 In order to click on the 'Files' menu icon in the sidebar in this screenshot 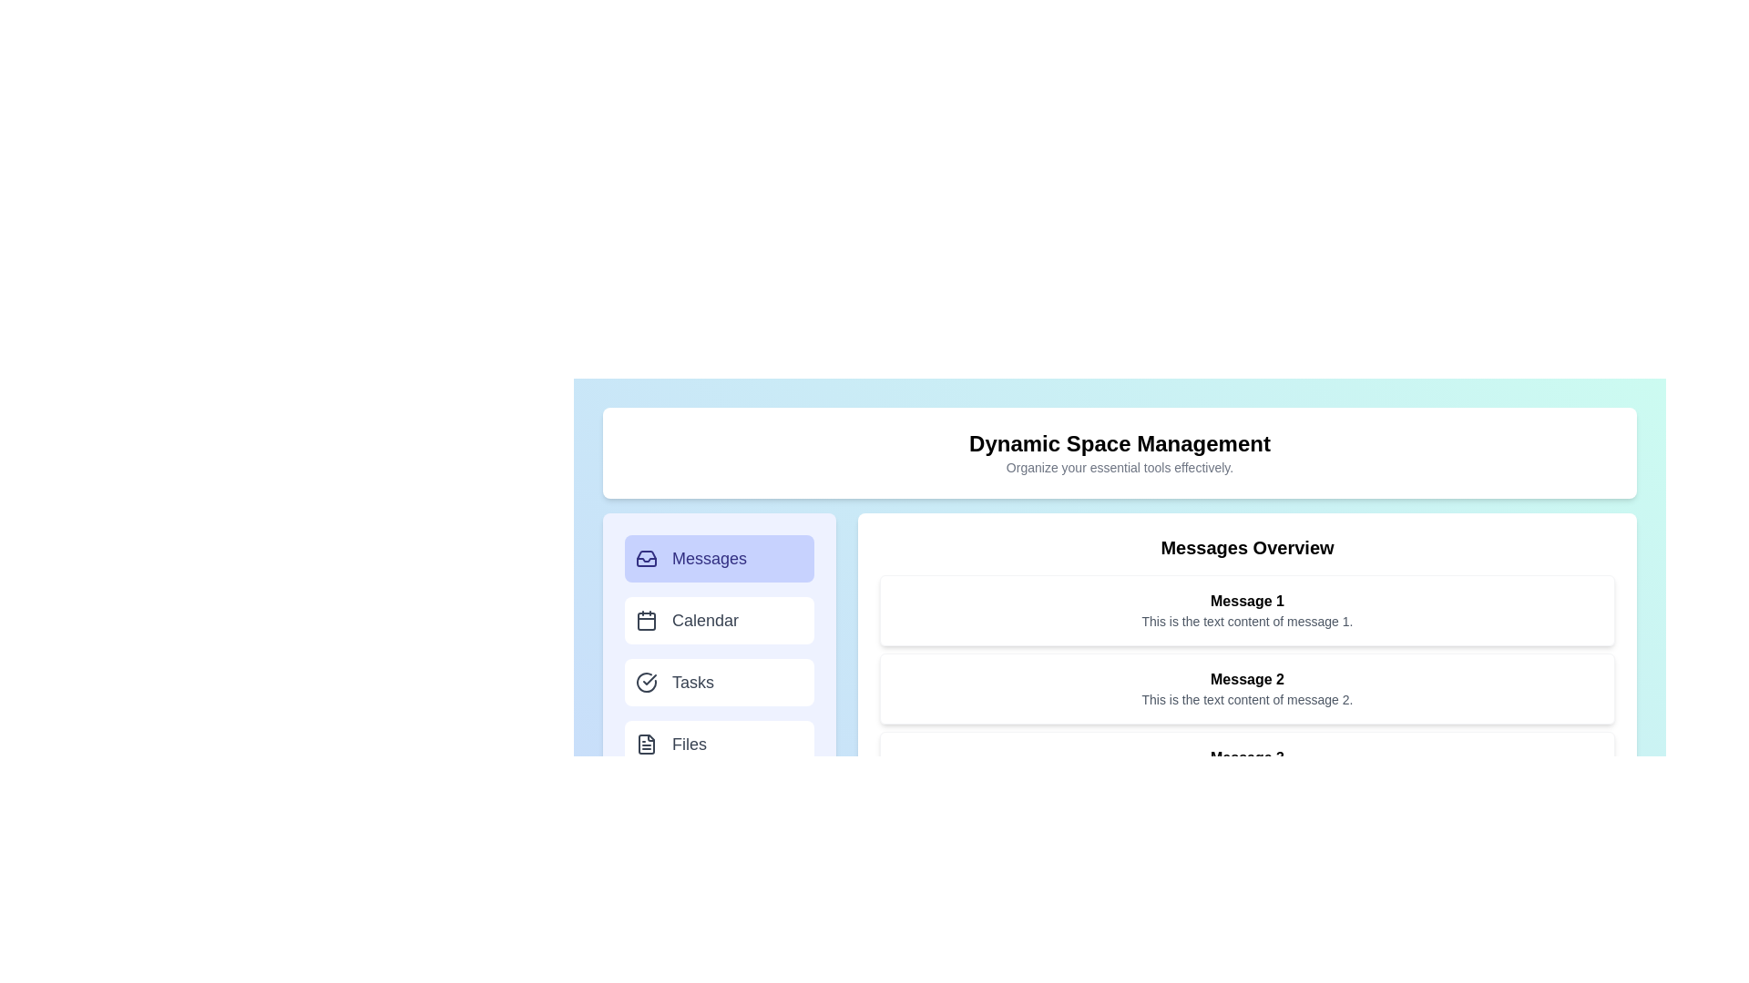, I will do `click(647, 744)`.